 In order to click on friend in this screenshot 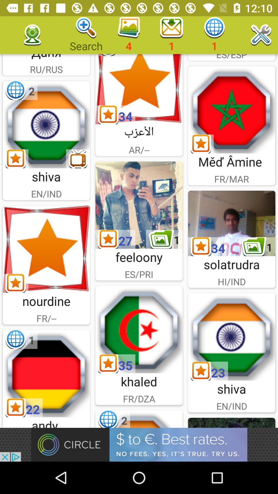, I will do `click(139, 205)`.